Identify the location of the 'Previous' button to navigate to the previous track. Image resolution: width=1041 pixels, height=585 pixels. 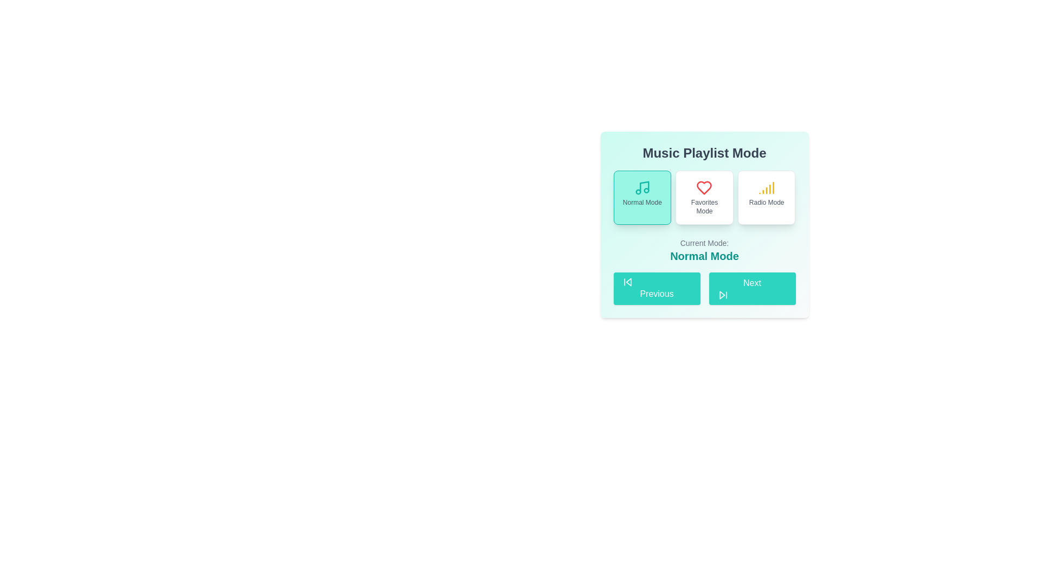
(656, 288).